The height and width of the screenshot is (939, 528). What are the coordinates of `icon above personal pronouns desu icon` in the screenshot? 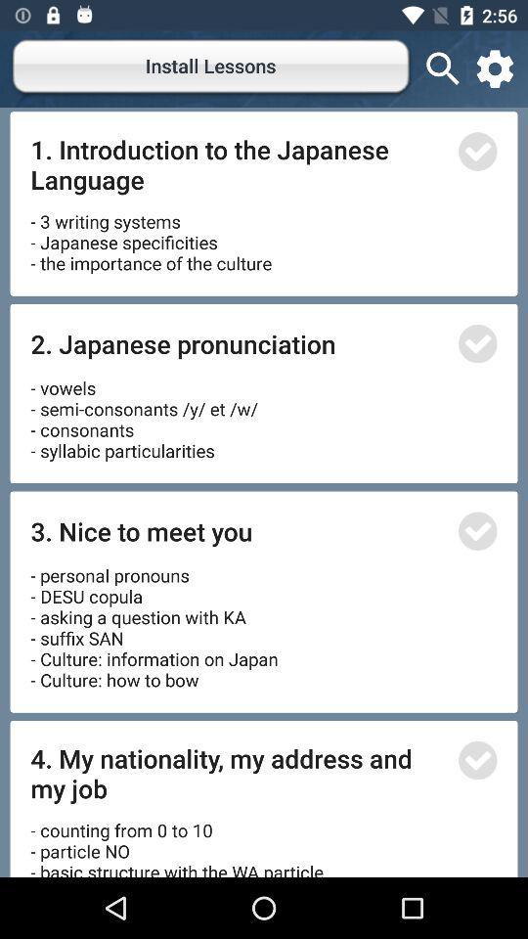 It's located at (238, 531).